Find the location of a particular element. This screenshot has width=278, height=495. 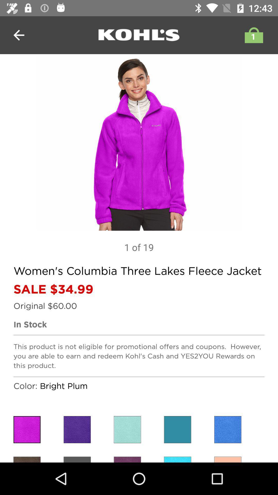

color is located at coordinates (227, 430).